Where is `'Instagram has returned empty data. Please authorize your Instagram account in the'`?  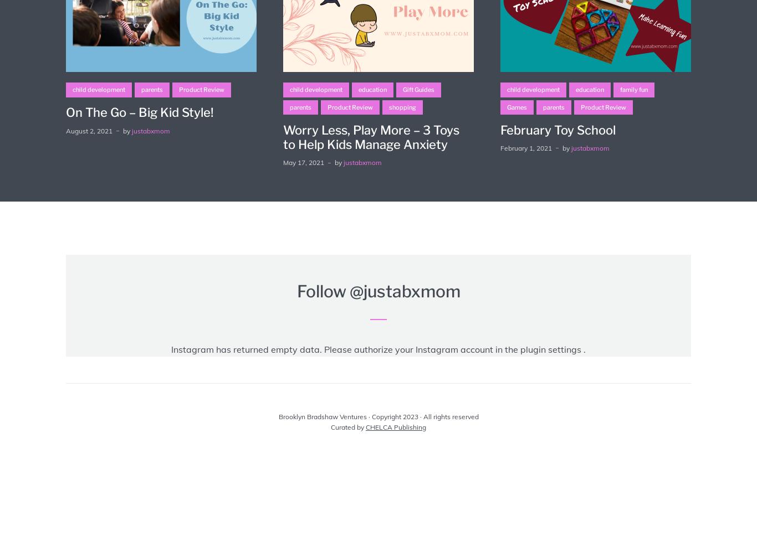 'Instagram has returned empty data. Please authorize your Instagram account in the' is located at coordinates (345, 348).